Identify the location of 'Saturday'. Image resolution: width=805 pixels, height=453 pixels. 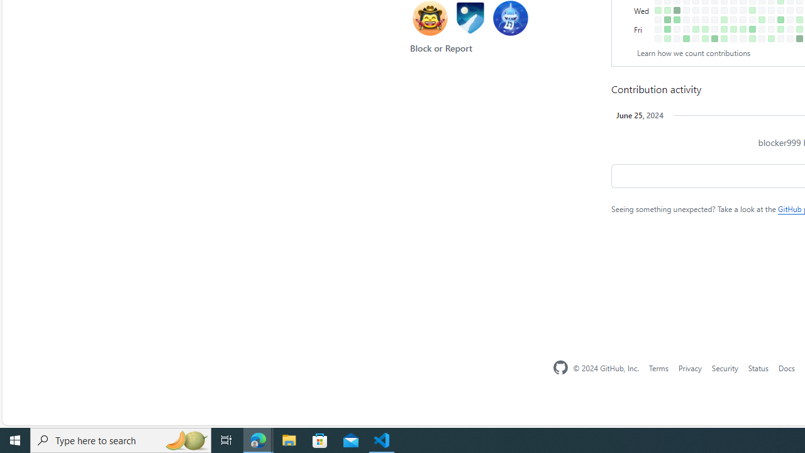
(643, 38).